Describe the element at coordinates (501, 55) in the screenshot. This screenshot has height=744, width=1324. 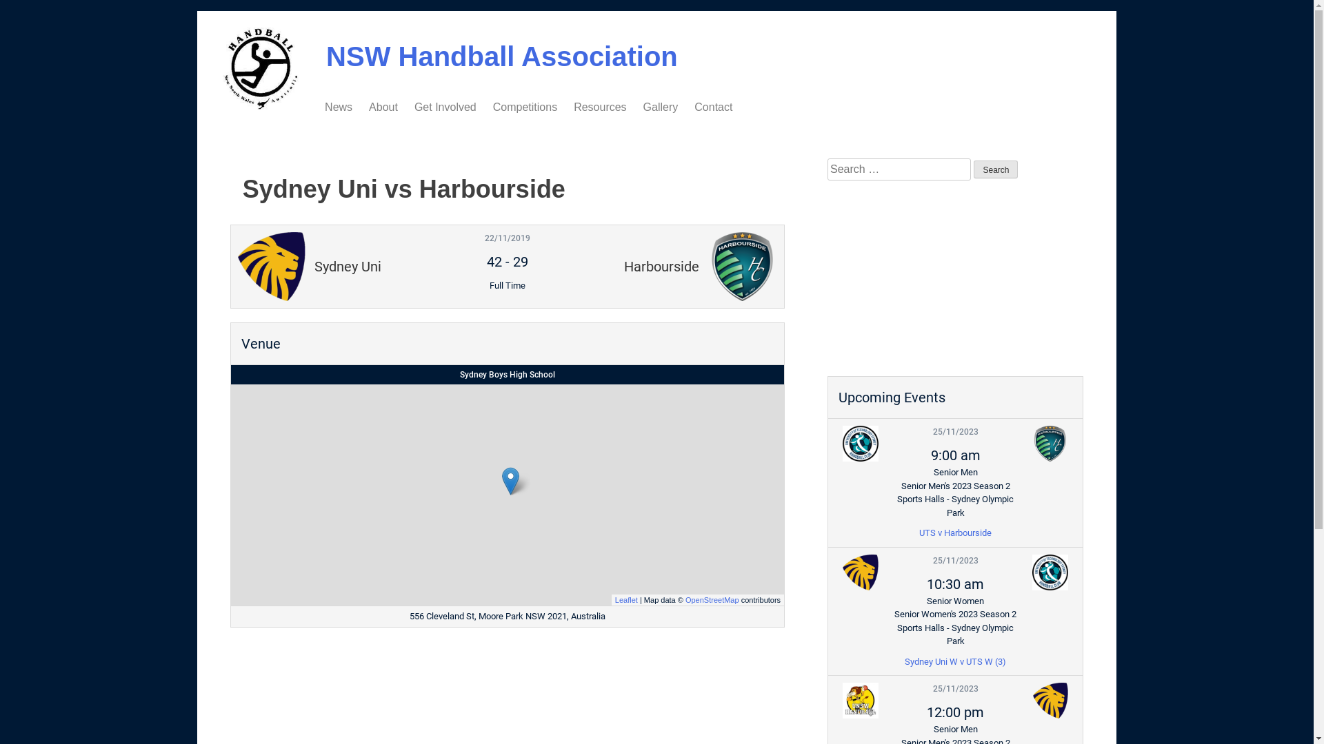
I see `'NSW Handball Association'` at that location.